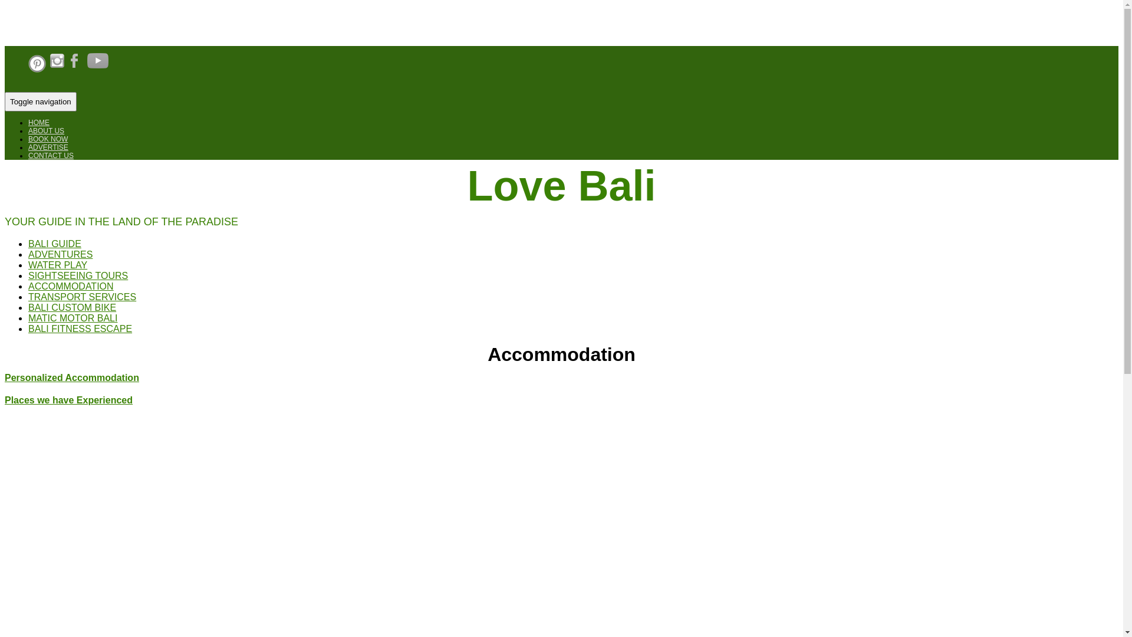 The width and height of the screenshot is (1132, 637). I want to click on 'BOOK NOW', so click(47, 138).